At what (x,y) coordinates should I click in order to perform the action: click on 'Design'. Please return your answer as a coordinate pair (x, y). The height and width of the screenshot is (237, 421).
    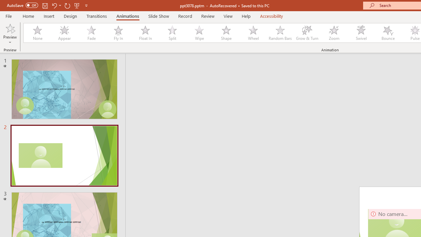
    Looking at the image, I should click on (70, 16).